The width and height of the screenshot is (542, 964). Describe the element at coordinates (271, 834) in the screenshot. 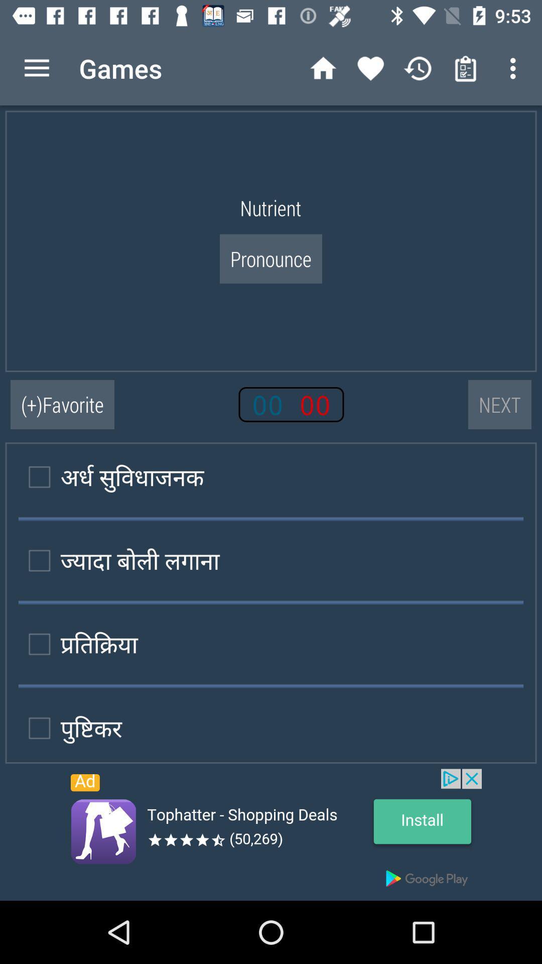

I see `open advertisement` at that location.